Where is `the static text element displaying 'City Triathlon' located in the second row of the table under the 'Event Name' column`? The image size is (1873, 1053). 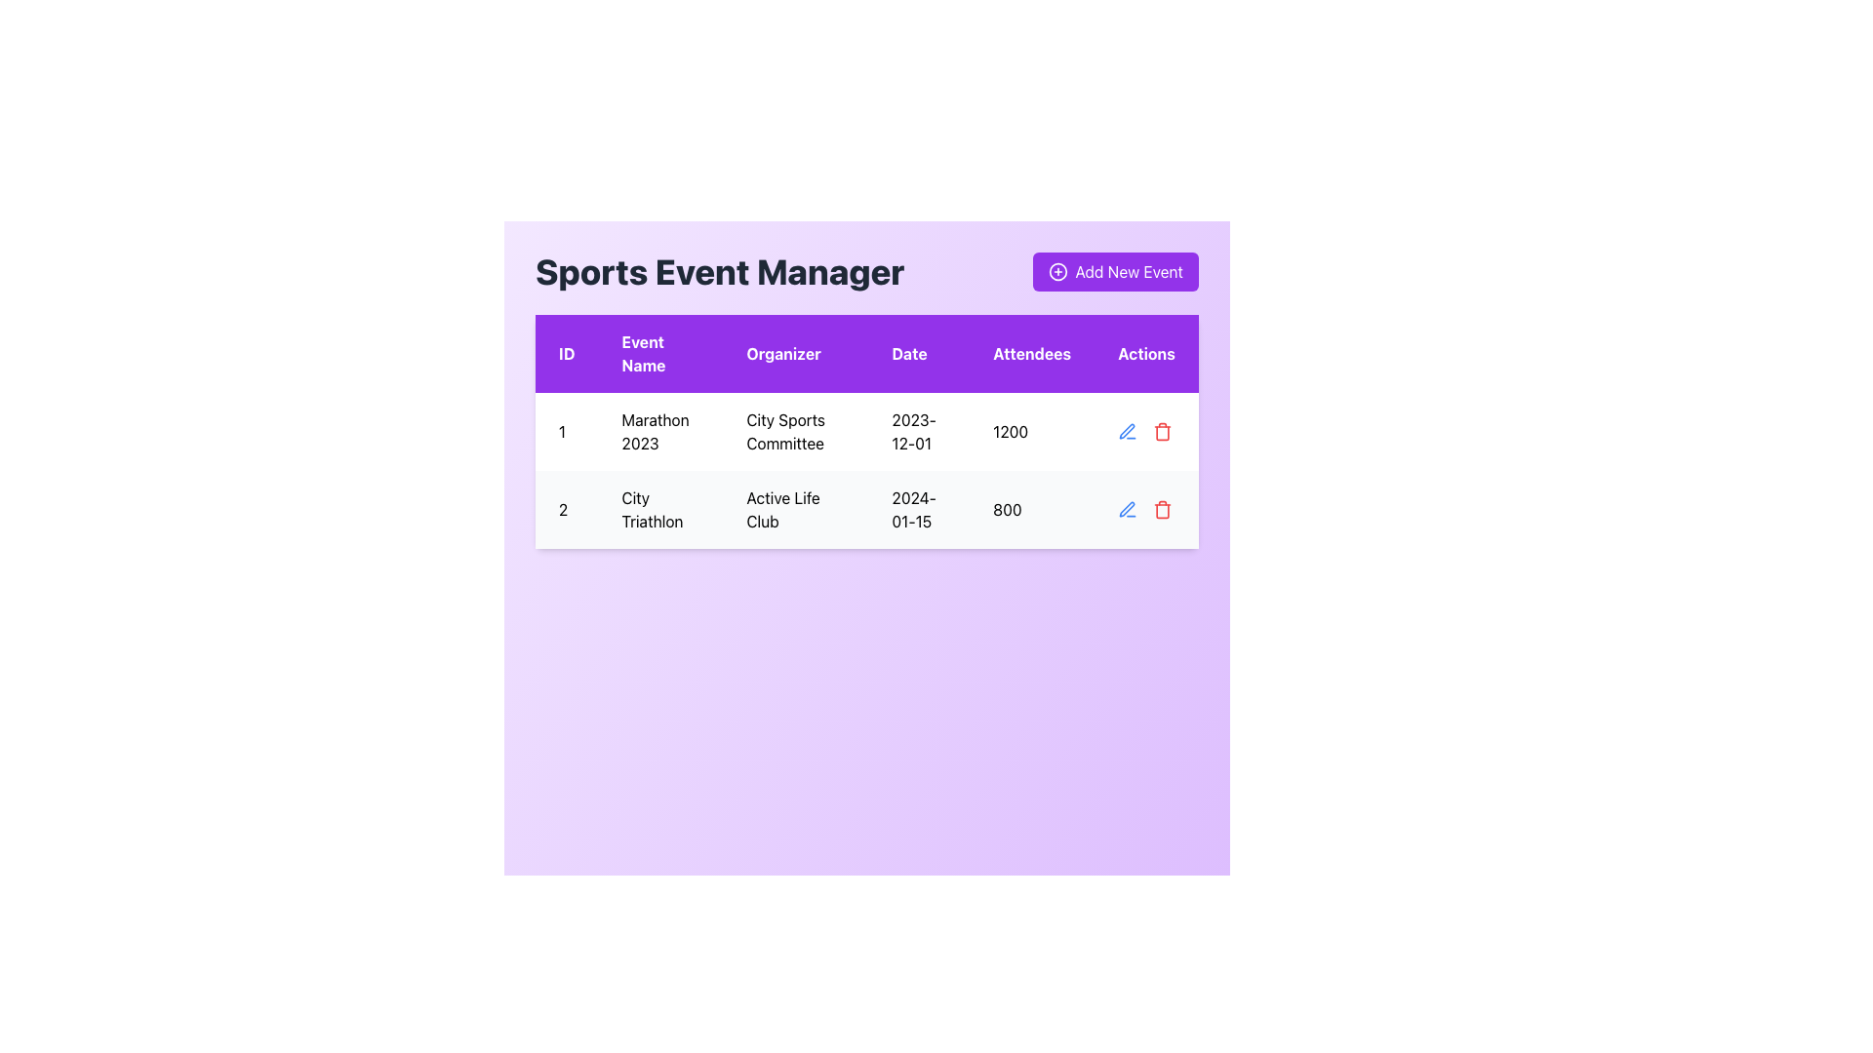
the static text element displaying 'City Triathlon' located in the second row of the table under the 'Event Name' column is located at coordinates (660, 509).